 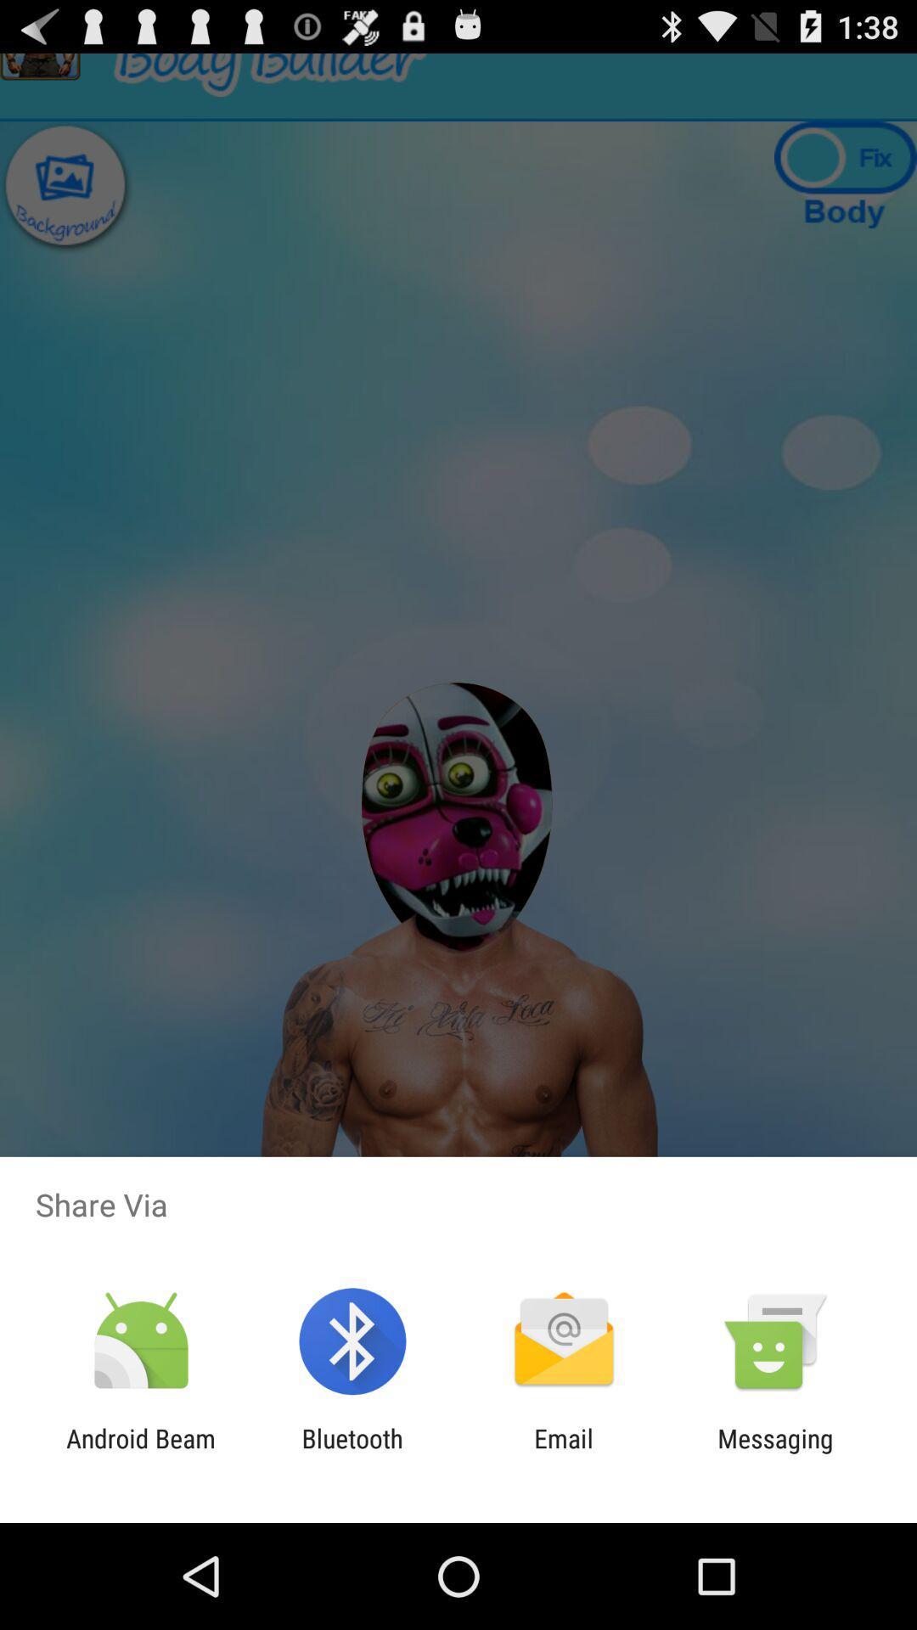 What do you see at coordinates (140, 1453) in the screenshot?
I see `the item next to bluetooth item` at bounding box center [140, 1453].